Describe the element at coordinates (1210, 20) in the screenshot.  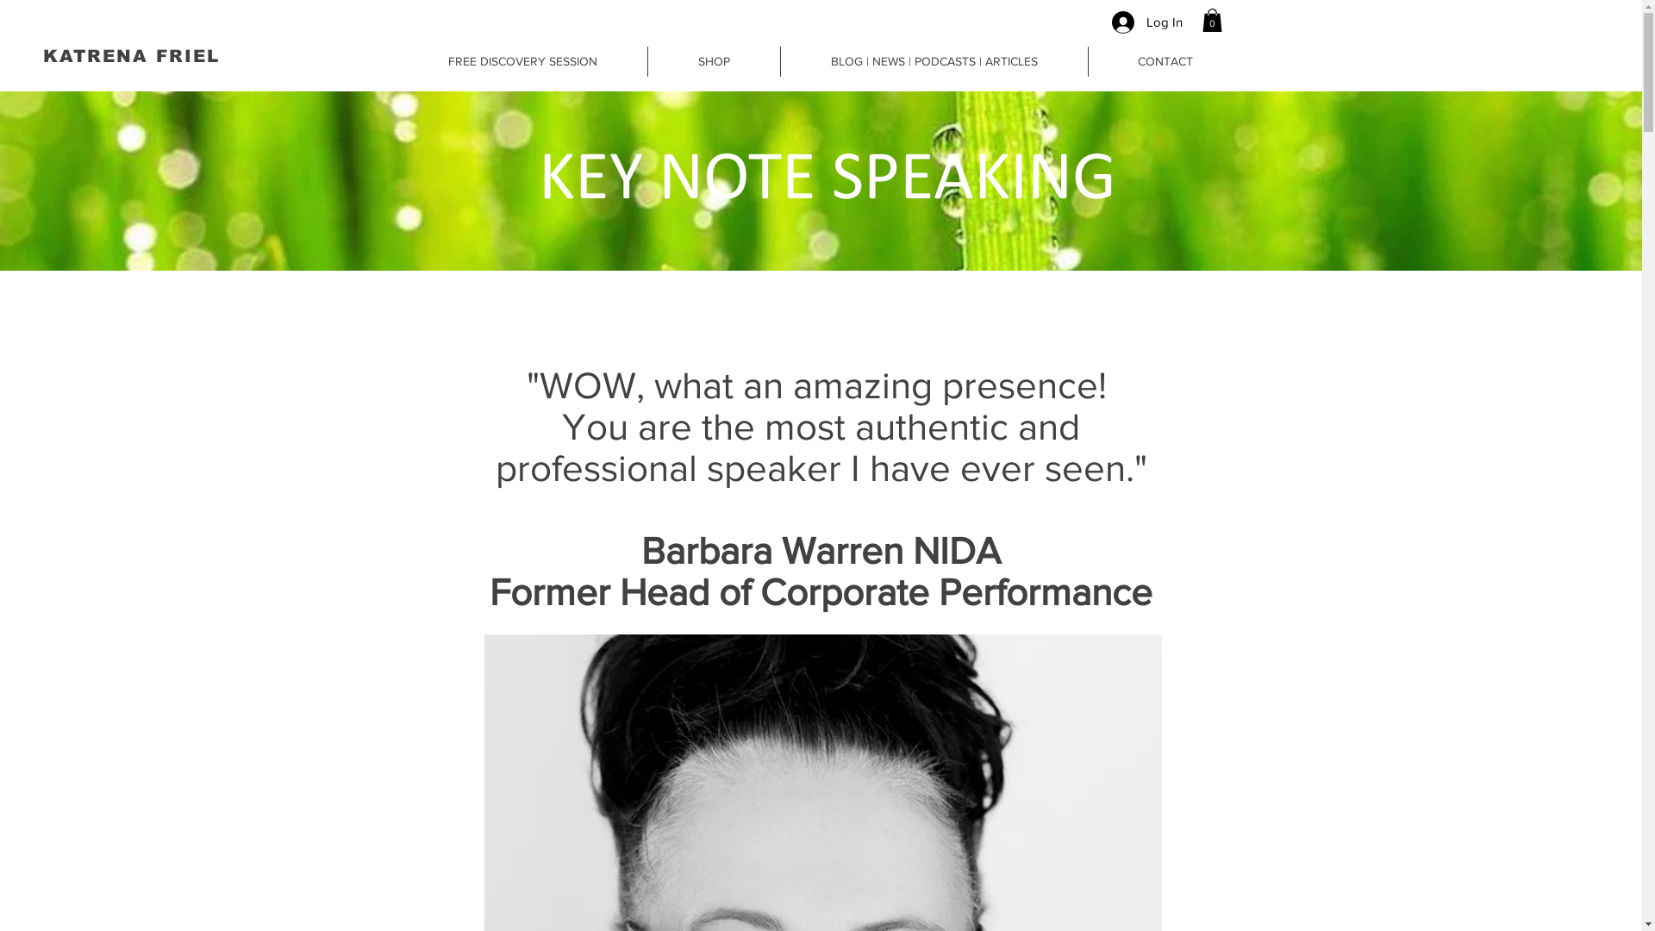
I see `'0'` at that location.